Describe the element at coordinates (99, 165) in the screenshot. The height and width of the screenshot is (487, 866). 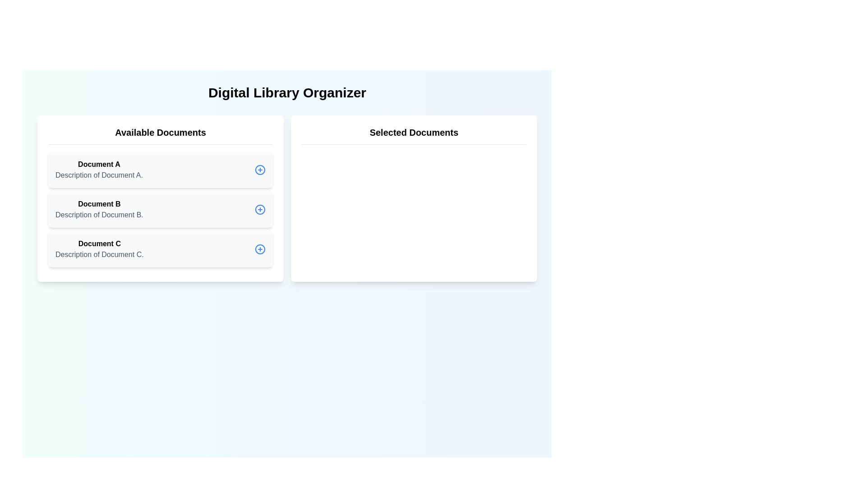
I see `text from the title label of the first item in the 'Available Documents' list located at the top portion of the item on the left-hand side of the interface` at that location.